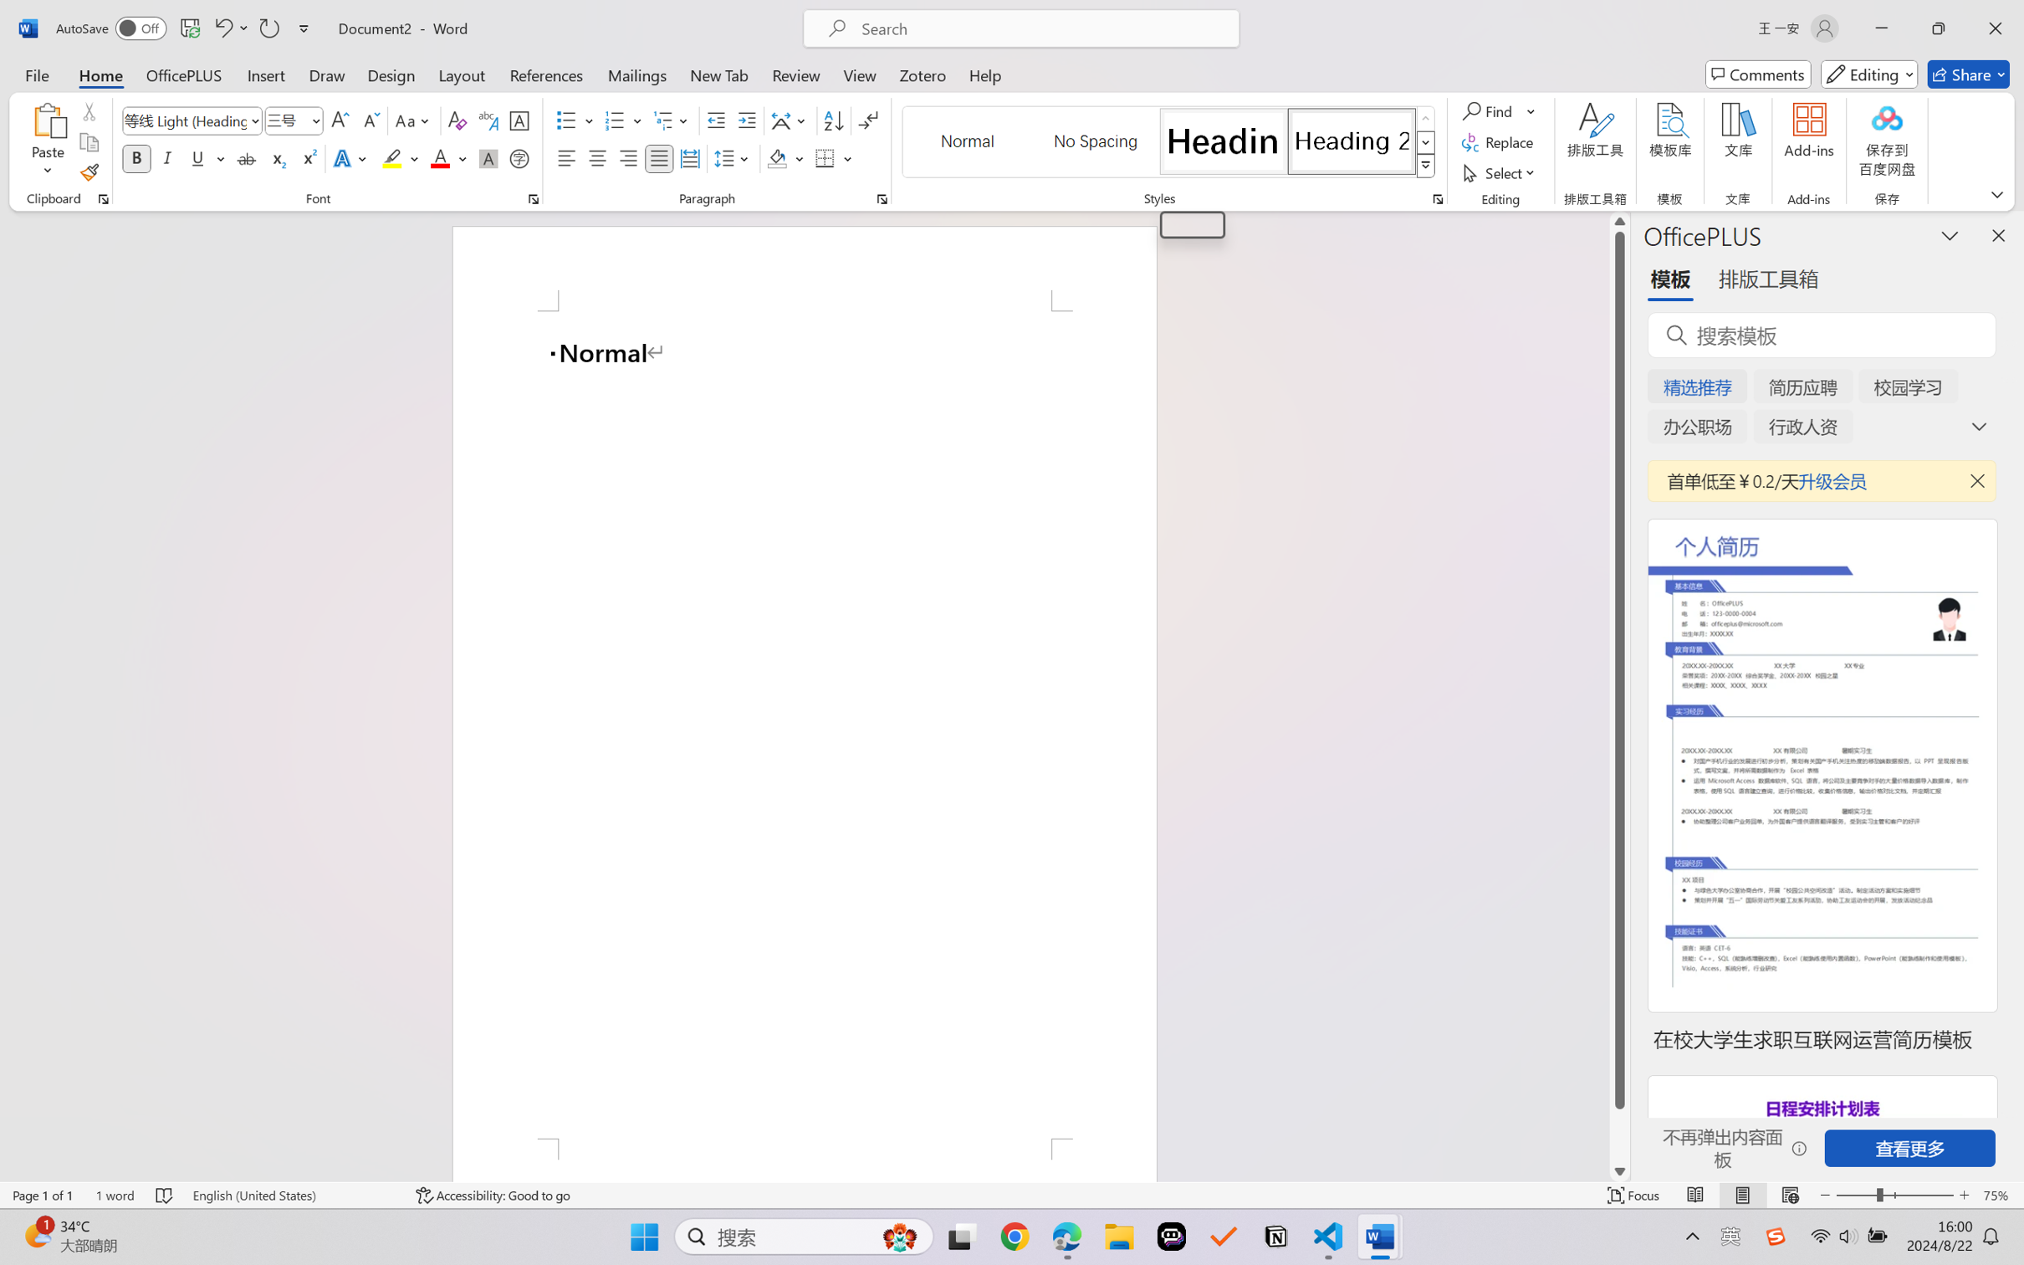 The width and height of the screenshot is (2024, 1265). Describe the element at coordinates (115, 1195) in the screenshot. I see `'Word Count 1 word'` at that location.